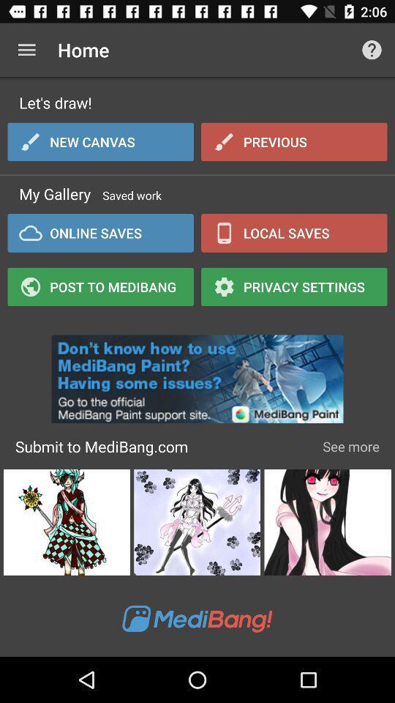 The image size is (395, 703). Describe the element at coordinates (294, 286) in the screenshot. I see `item to the right of the online saves` at that location.